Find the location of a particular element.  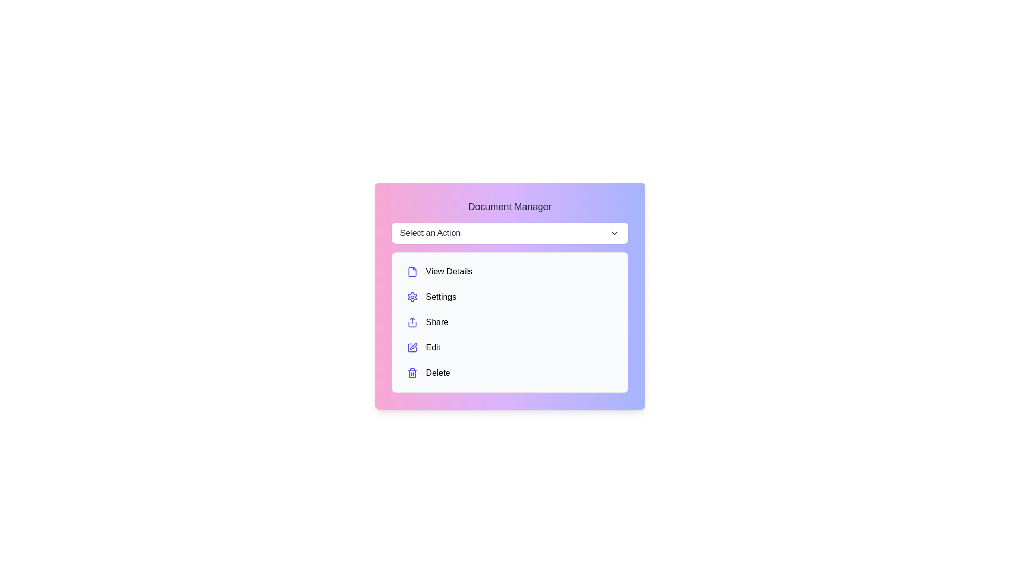

the 'Share' button, which is the third option in the 'Document Manager' menu is located at coordinates (510, 321).